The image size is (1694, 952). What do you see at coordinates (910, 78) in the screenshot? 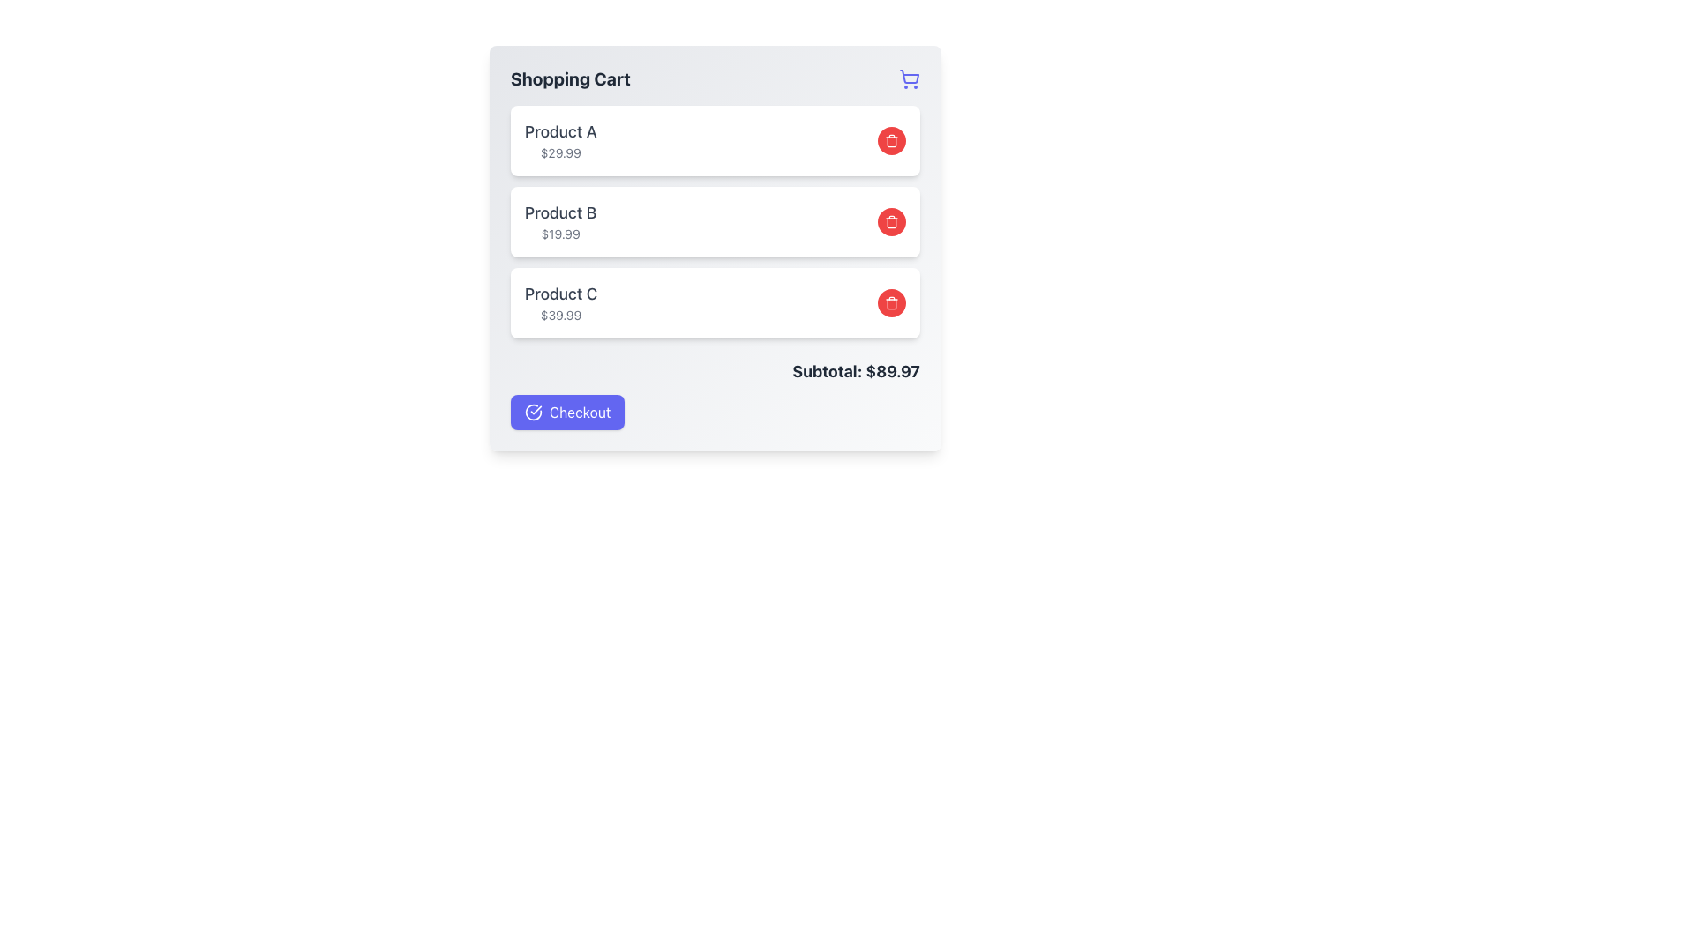
I see `the shopping cart icon located on the far right side of the header section of the 'Shopping Cart' area, adjacent to the title text` at bounding box center [910, 78].